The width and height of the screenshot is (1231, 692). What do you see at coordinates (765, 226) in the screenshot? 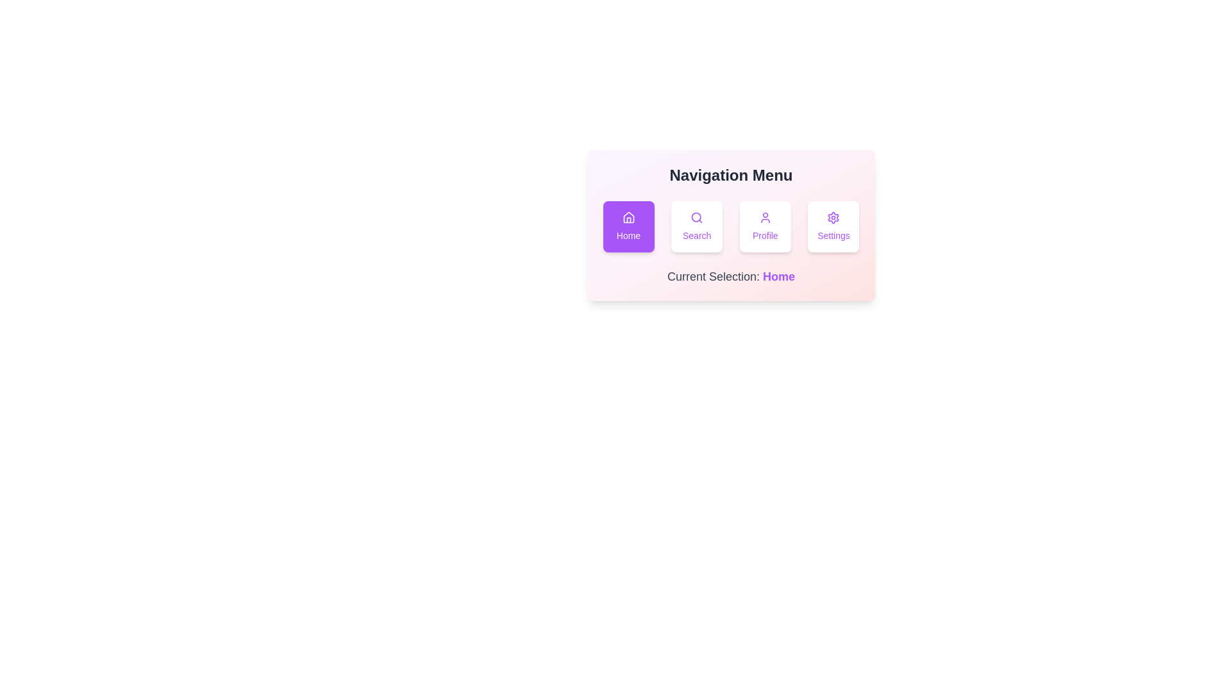
I see `the Profile button to change the selection` at bounding box center [765, 226].